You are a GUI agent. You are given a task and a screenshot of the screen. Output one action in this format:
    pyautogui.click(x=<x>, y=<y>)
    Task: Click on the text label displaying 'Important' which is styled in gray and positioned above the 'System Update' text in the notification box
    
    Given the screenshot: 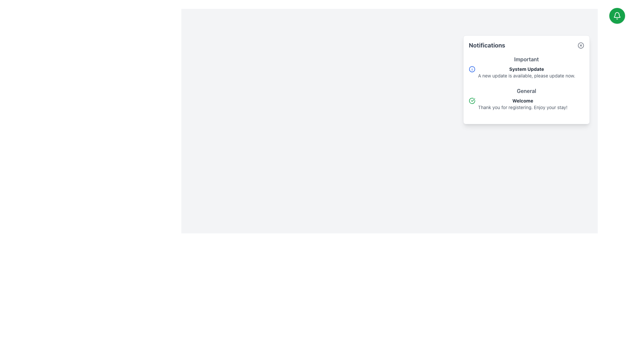 What is the action you would take?
    pyautogui.click(x=526, y=59)
    